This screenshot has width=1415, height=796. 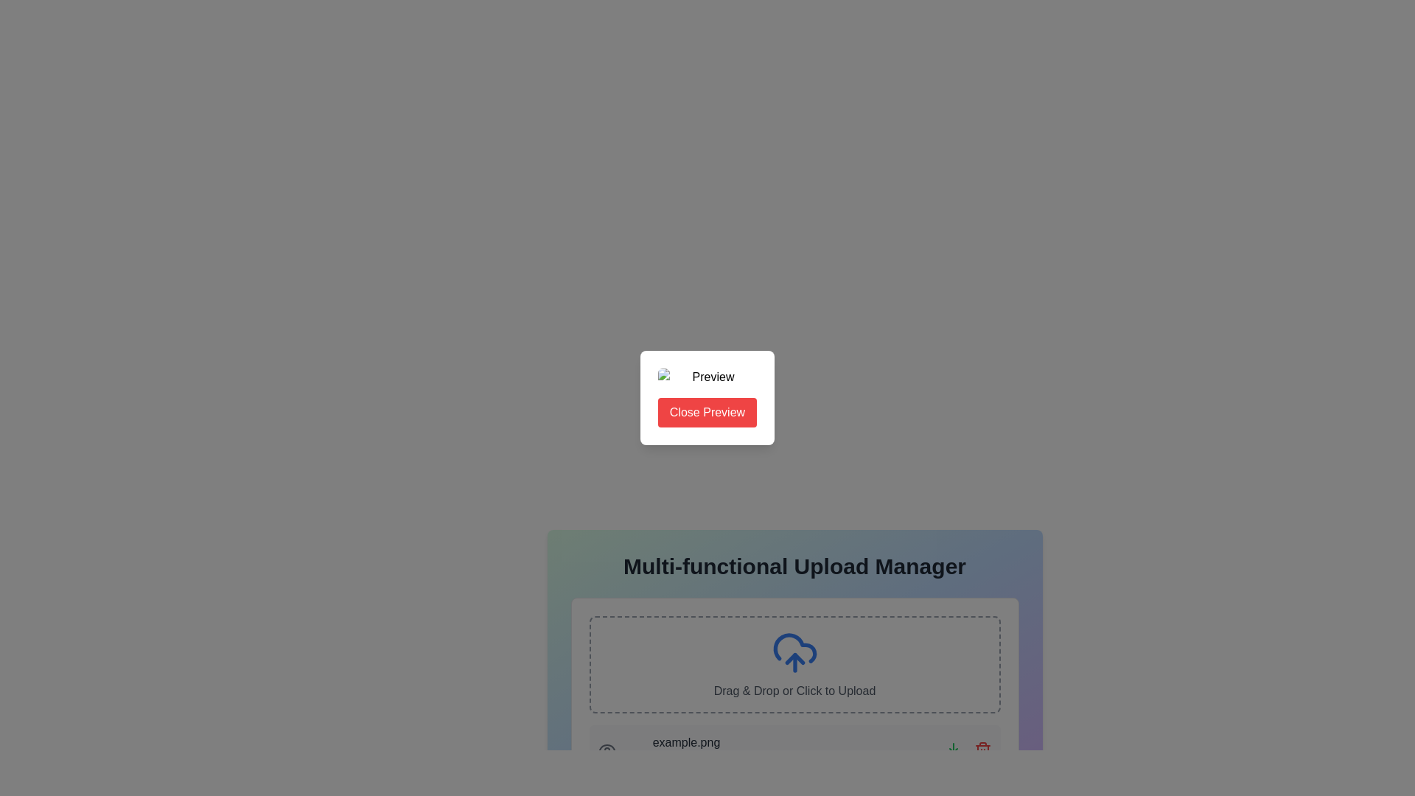 I want to click on the prominent red button with white text 'Close Preview', so click(x=707, y=412).